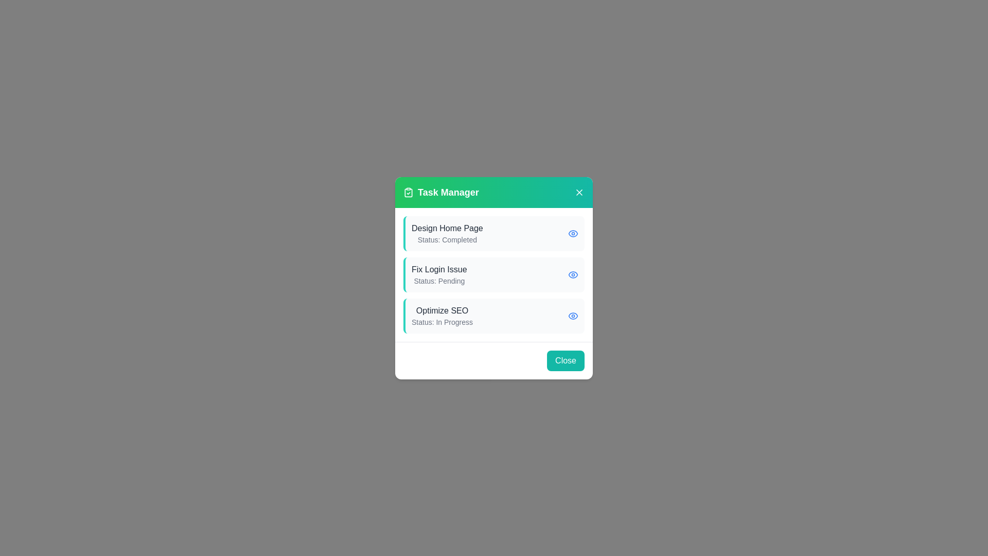 Image resolution: width=988 pixels, height=556 pixels. What do you see at coordinates (494, 274) in the screenshot?
I see `the second task item in the vertical list, which displays task details and progress status, located directly below 'Design Home Page' and above 'Optimize SEO'` at bounding box center [494, 274].